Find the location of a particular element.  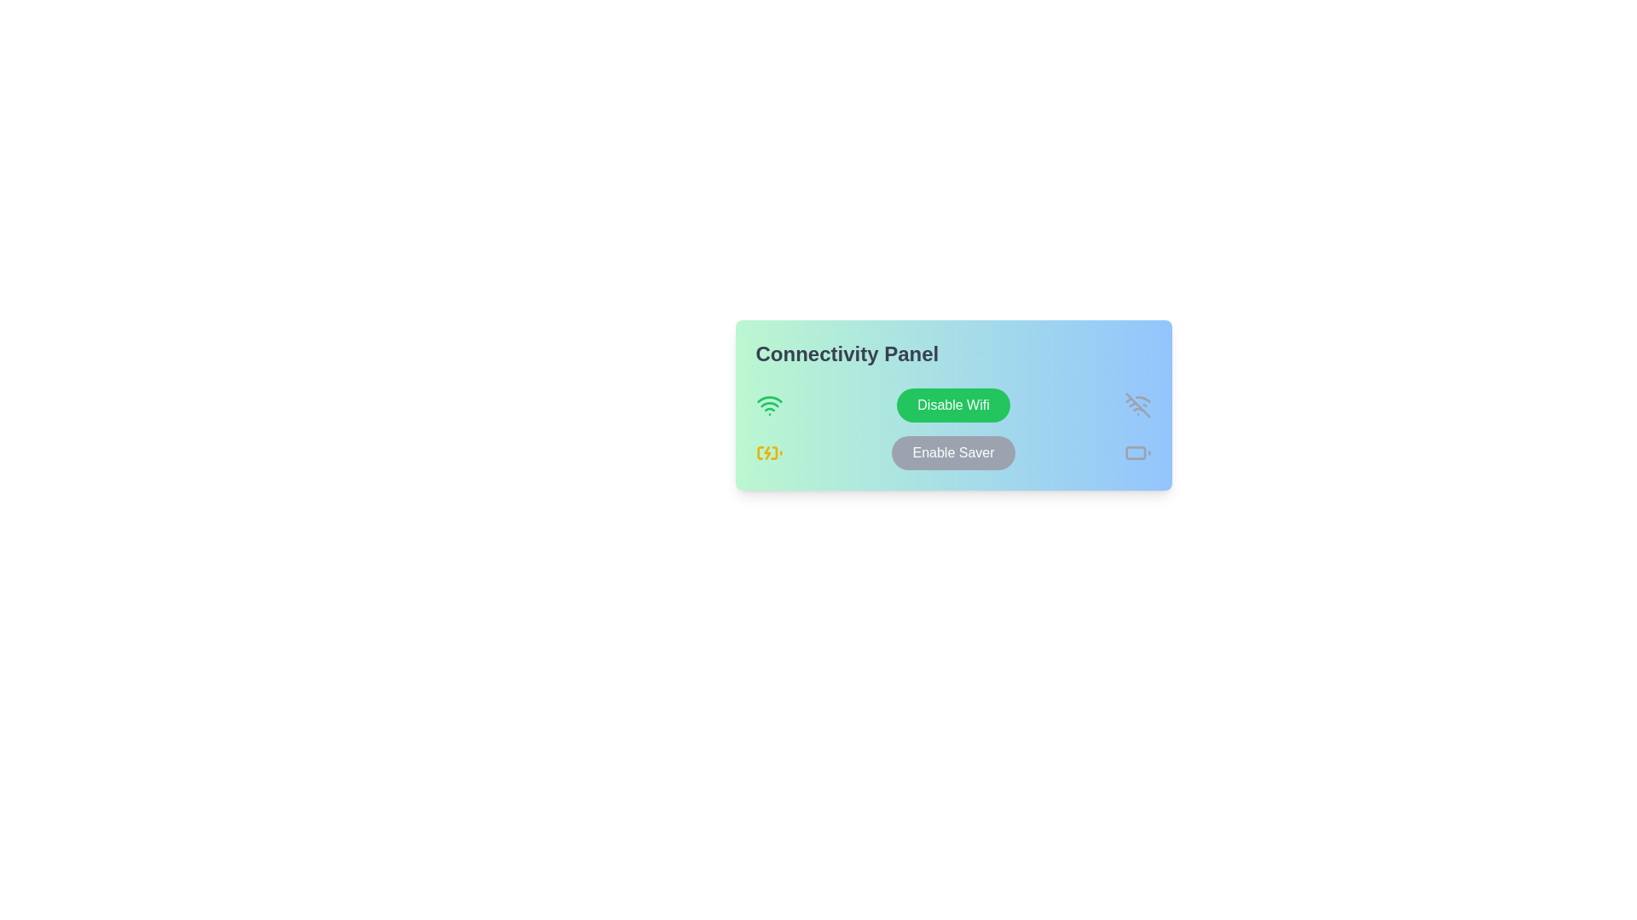

the third arc of the WiFi symbol in the icon located at the top left corner of the Connectivity Panel, under the text 'Connectivity Panel' is located at coordinates (768, 405).